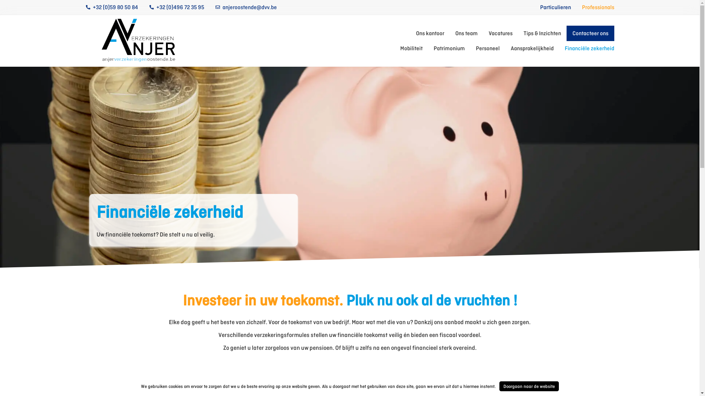 The height and width of the screenshot is (396, 705). Describe the element at coordinates (466, 33) in the screenshot. I see `'Ons team'` at that location.